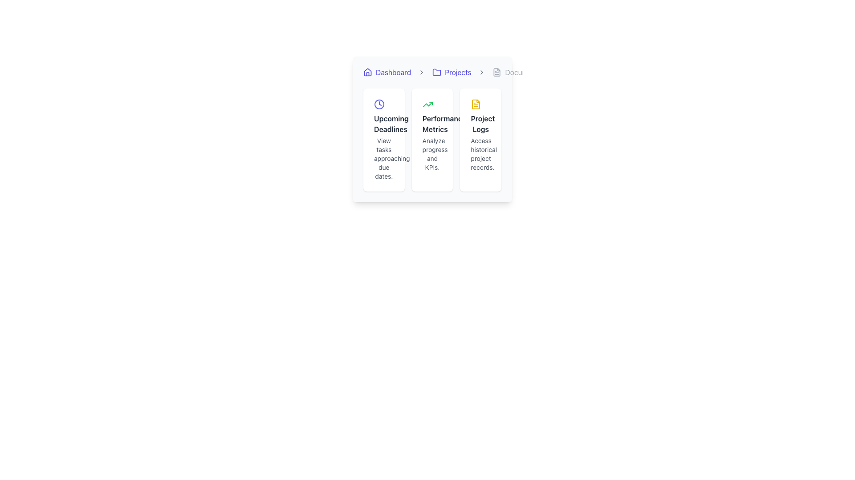 The height and width of the screenshot is (480, 855). I want to click on the text element that reads 'View tasks approaching due dates', which is styled in smaller gray text and located directly beneath the header 'Upcoming Deadlines' in the leftmost card, so click(384, 158).